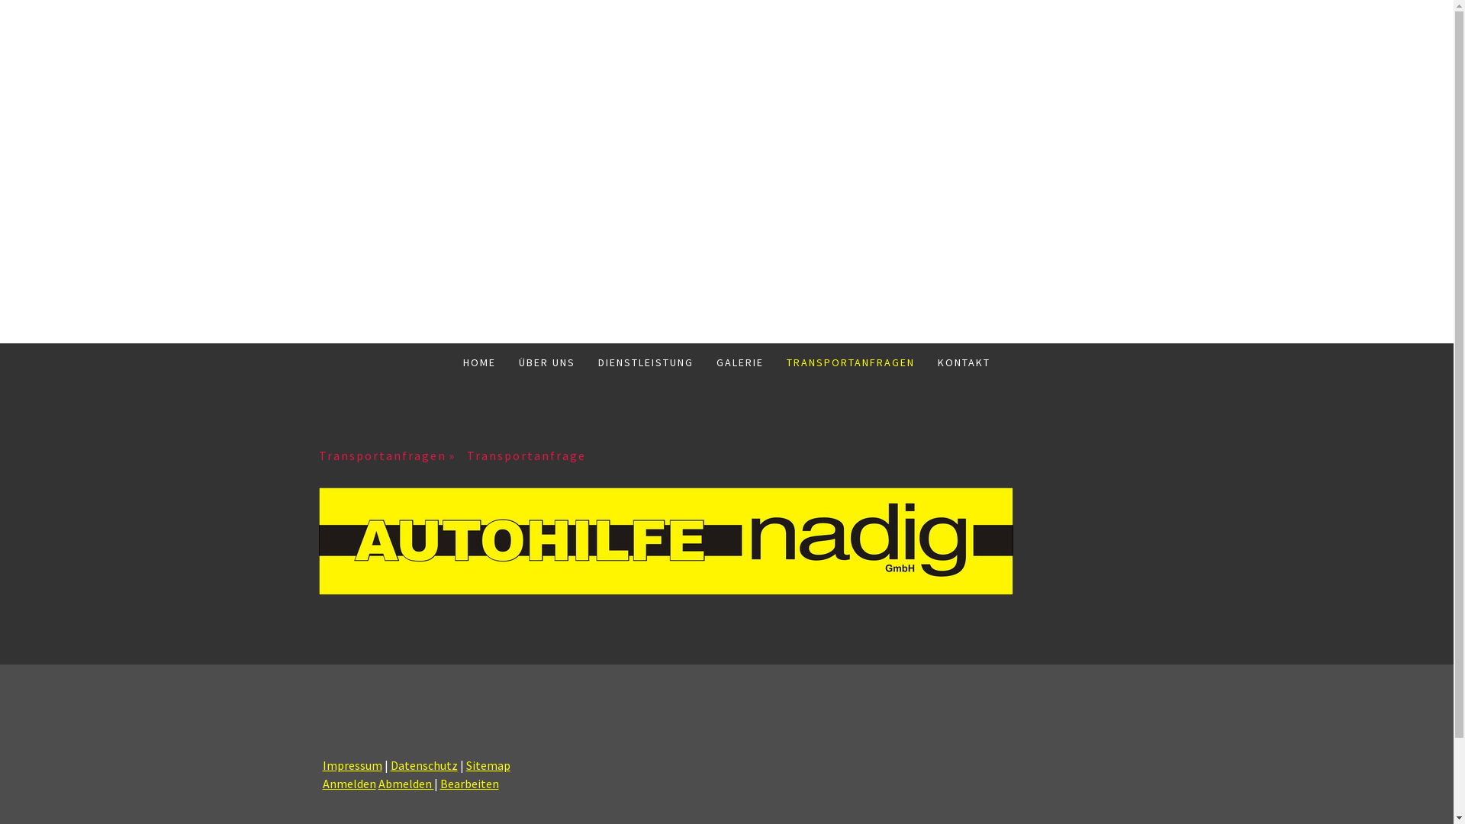 The height and width of the screenshot is (824, 1465). I want to click on 'DIENSTLEISTUNG', so click(585, 362).